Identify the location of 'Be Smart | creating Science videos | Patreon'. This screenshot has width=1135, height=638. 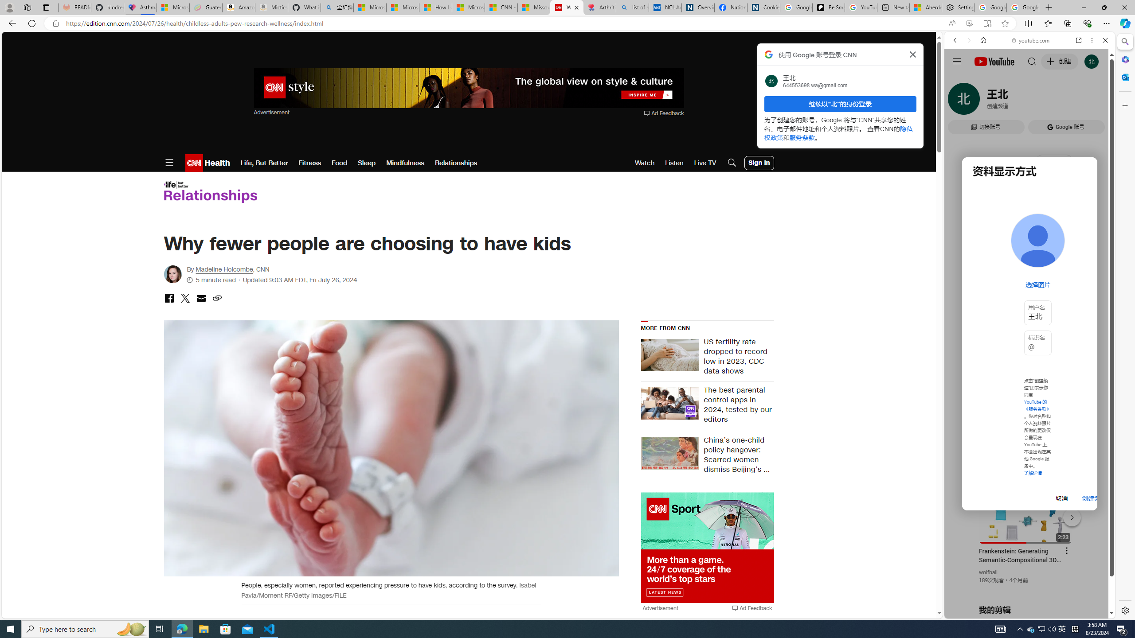
(828, 7).